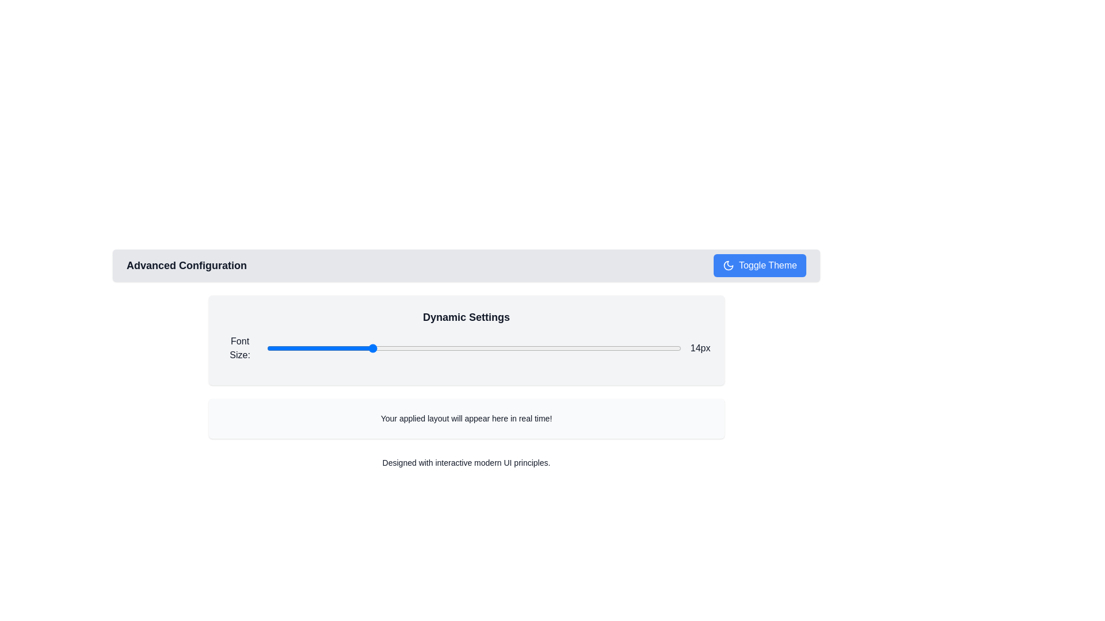 The width and height of the screenshot is (1105, 621). I want to click on the moon icon within the 'Toggle Theme' button, which has a rounded blue background and white text, located in the upper-right section of the interface, so click(727, 266).